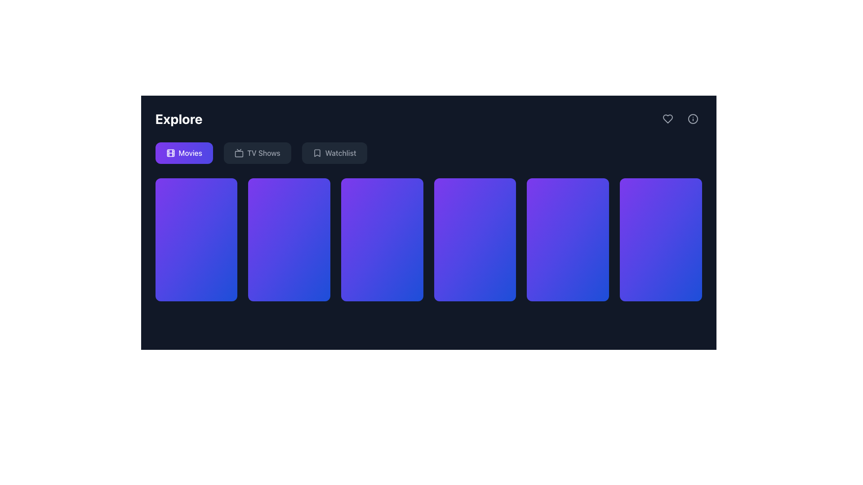 The image size is (863, 485). Describe the element at coordinates (334, 152) in the screenshot. I see `the 'Watchlist' button, which is a rectangular button with a dark gray background and a bookmark icon, located as the third button from the left in a horizontal button group at the top center of the application` at that location.